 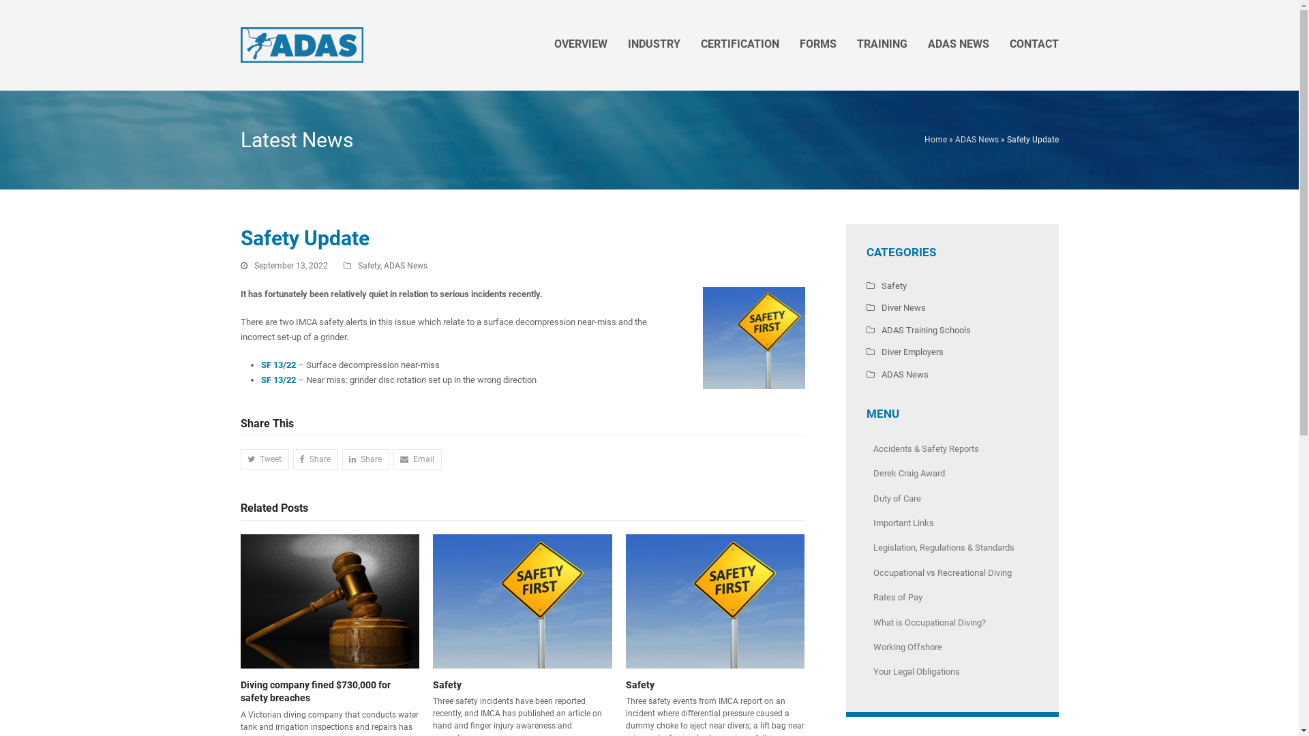 I want to click on 'ADAS Training Schools', so click(x=918, y=330).